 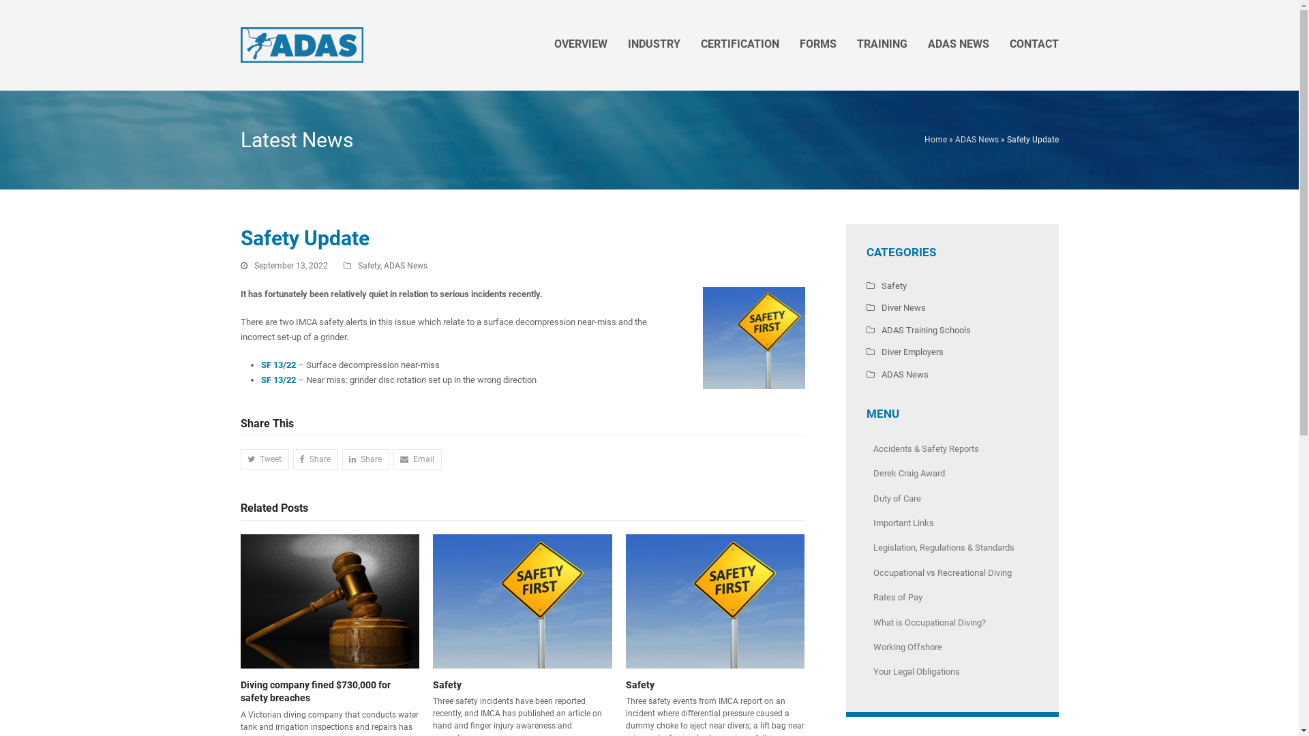 I want to click on 'ADAS Training Schools', so click(x=918, y=330).